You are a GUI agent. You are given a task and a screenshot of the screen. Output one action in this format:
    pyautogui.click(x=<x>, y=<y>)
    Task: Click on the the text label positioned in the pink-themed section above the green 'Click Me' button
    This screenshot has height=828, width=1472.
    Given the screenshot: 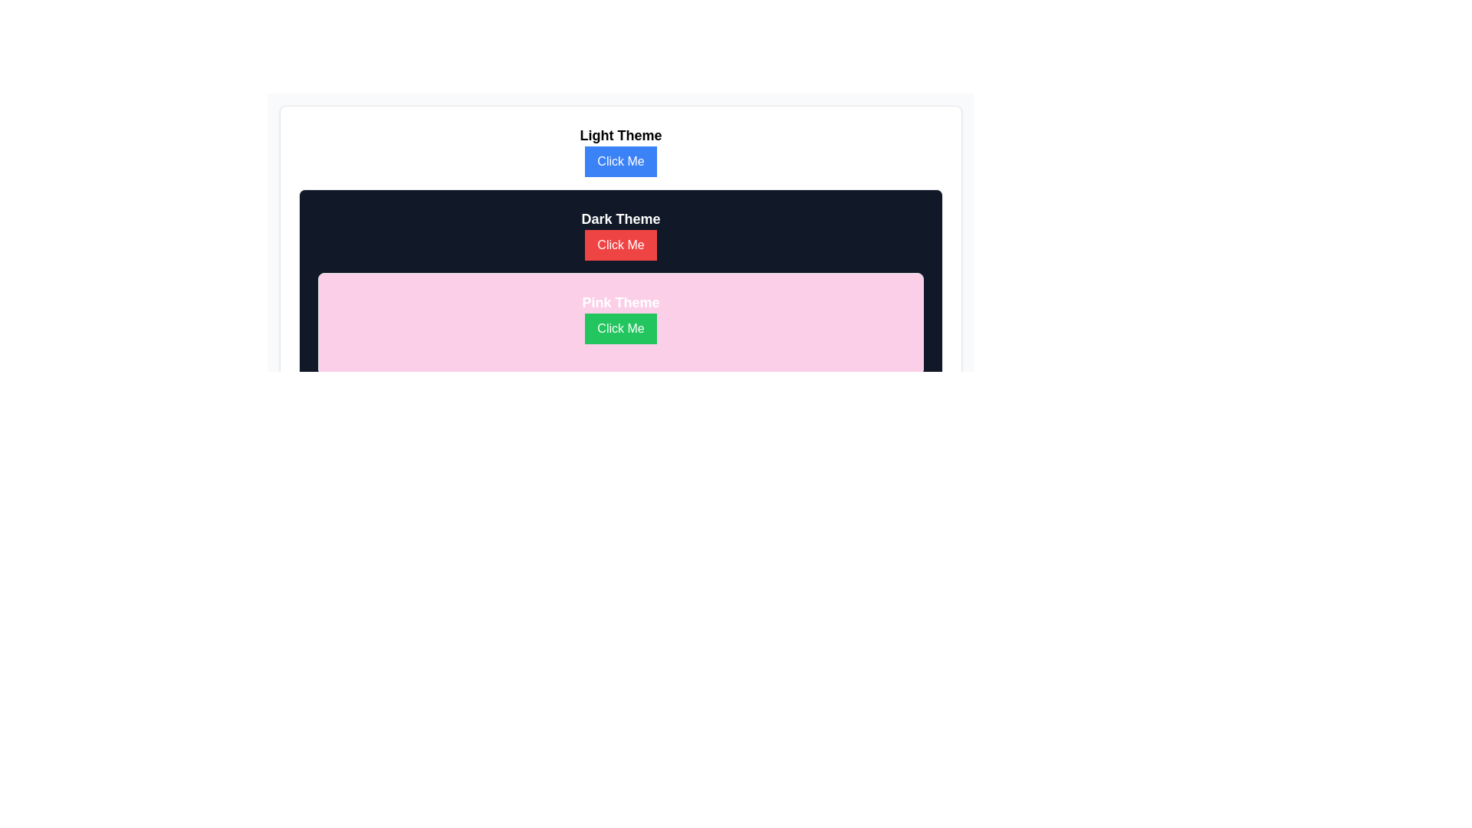 What is the action you would take?
    pyautogui.click(x=621, y=302)
    